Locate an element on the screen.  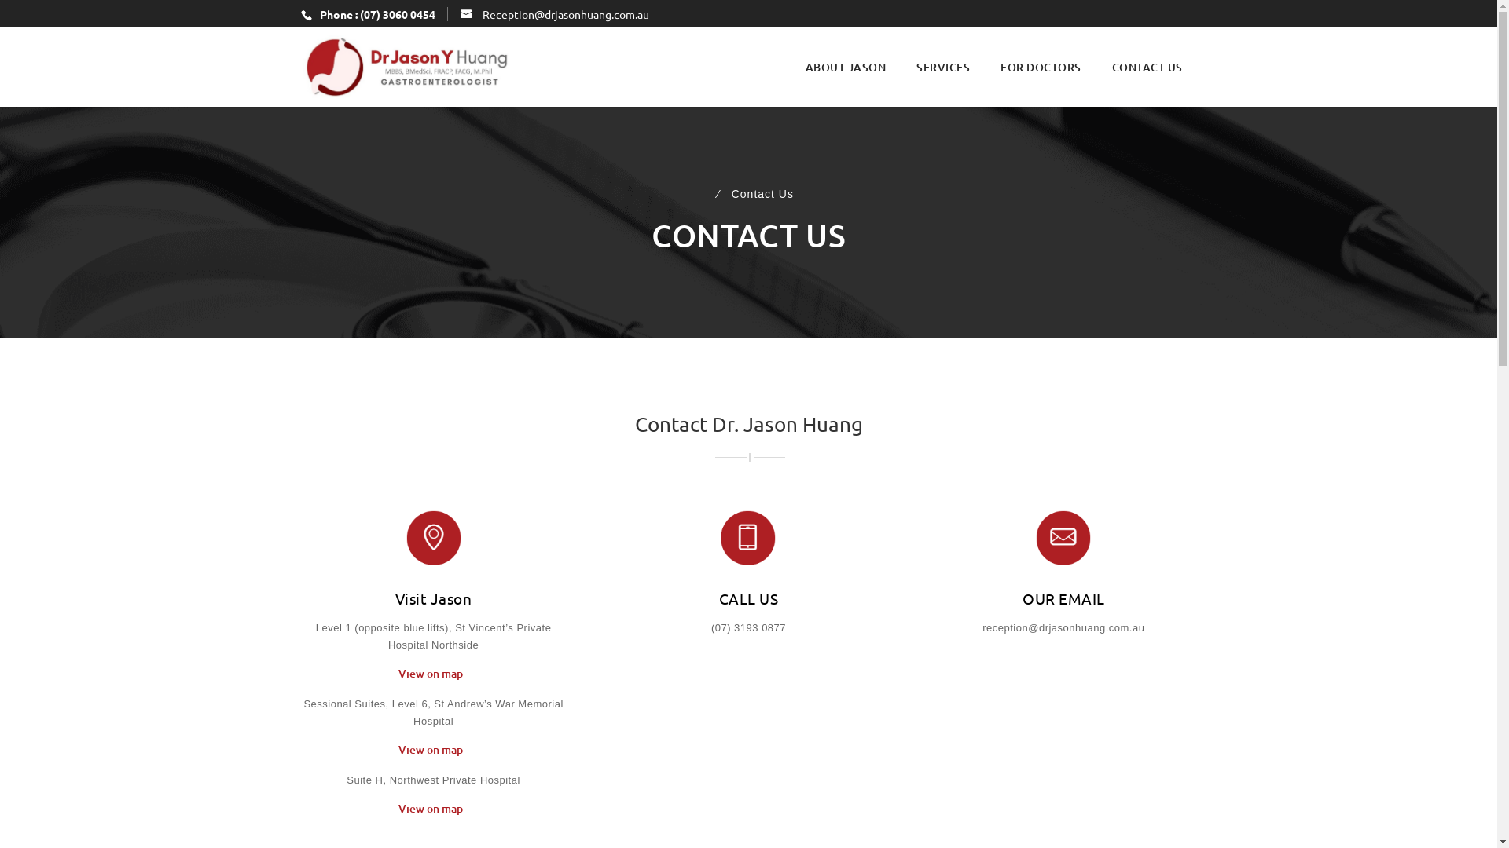
'Reception@drjasonhuang.com.au' is located at coordinates (554, 13).